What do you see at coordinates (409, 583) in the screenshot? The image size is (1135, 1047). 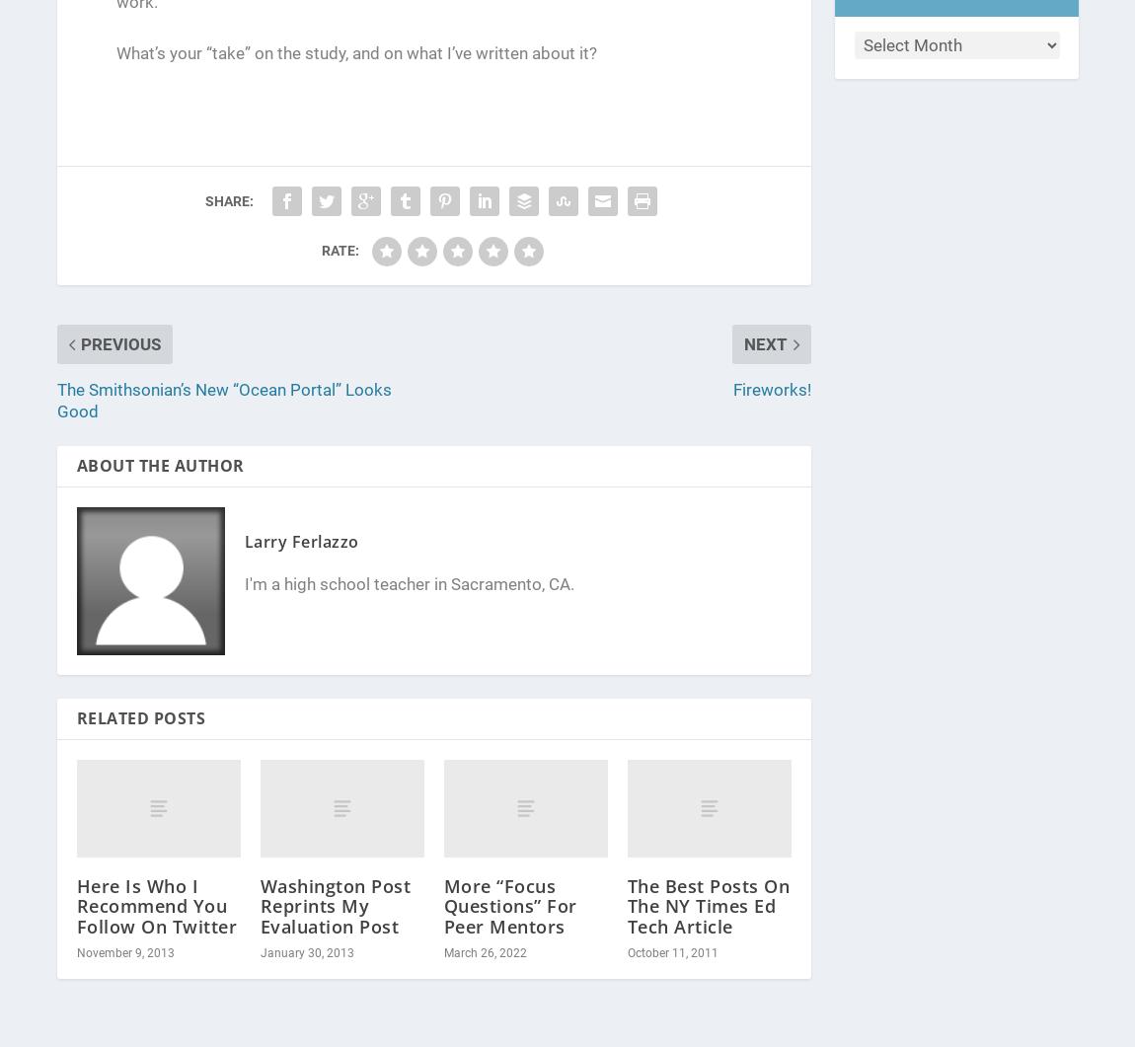 I see `'I'm a high school teacher in Sacramento, CA.'` at bounding box center [409, 583].